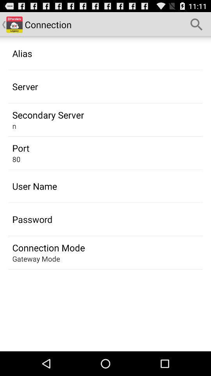 The height and width of the screenshot is (376, 211). What do you see at coordinates (48, 114) in the screenshot?
I see `the secondary server` at bounding box center [48, 114].